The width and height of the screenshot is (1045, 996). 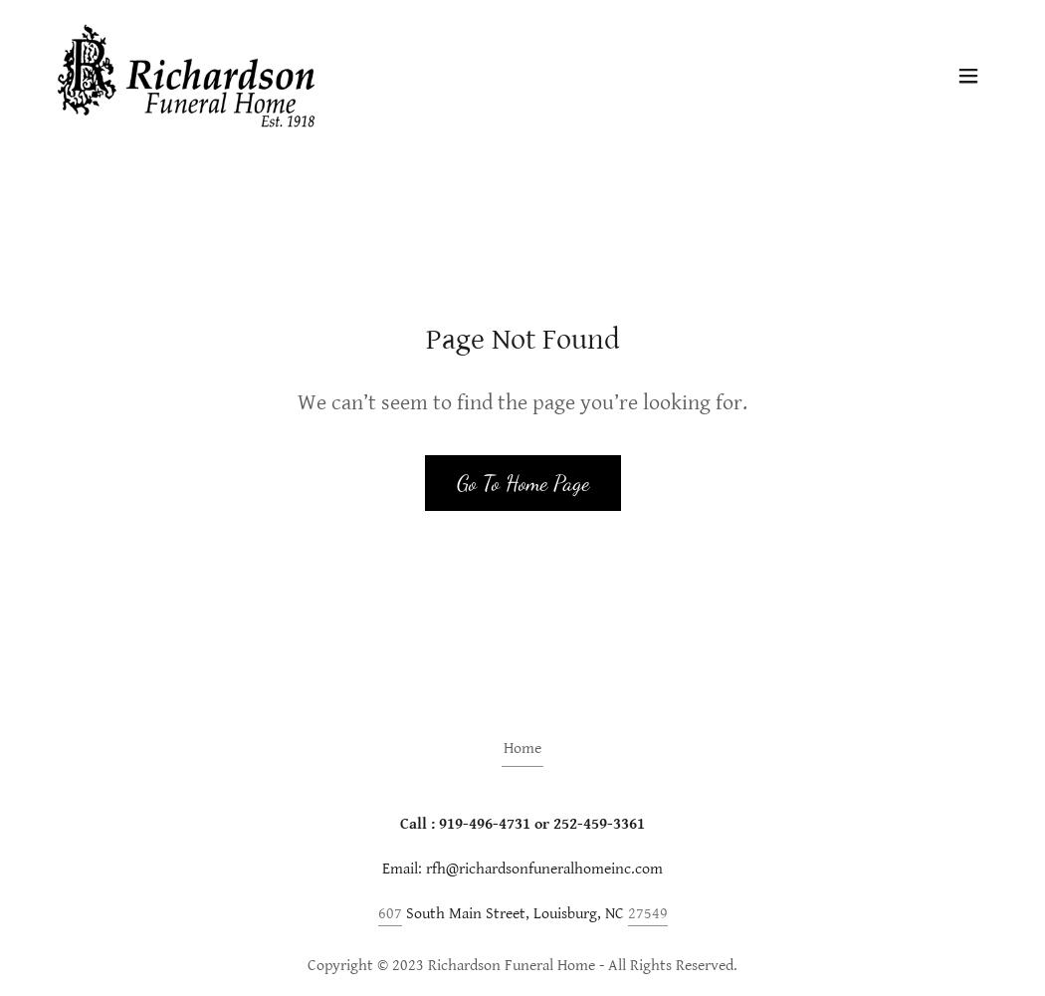 What do you see at coordinates (513, 912) in the screenshot?
I see `'South Main Street, Louisburg, NC'` at bounding box center [513, 912].